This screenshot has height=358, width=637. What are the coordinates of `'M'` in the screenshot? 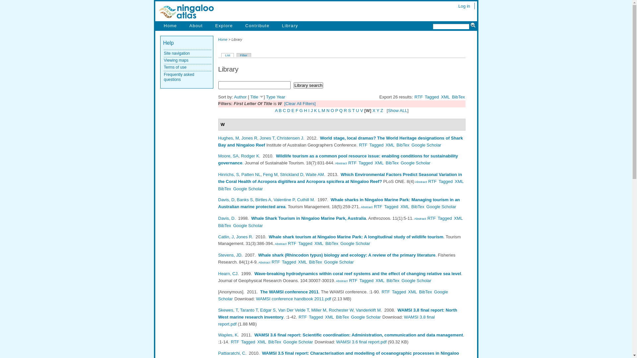 It's located at (323, 110).